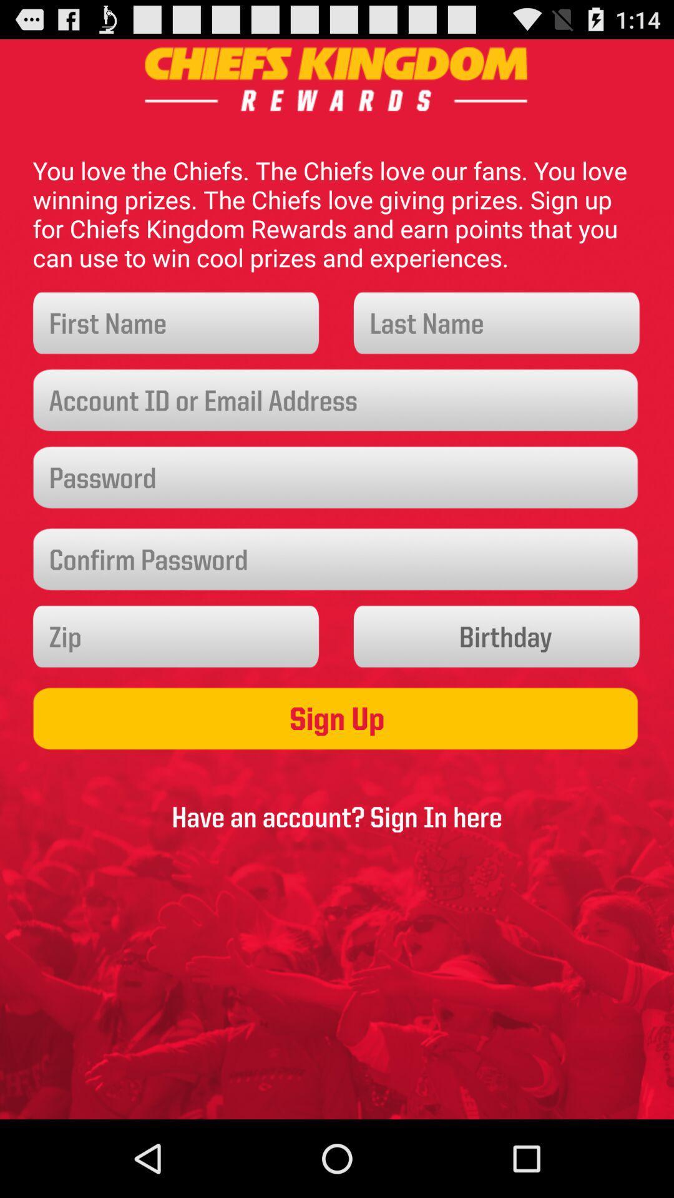 The height and width of the screenshot is (1198, 674). I want to click on share the article, so click(177, 636).